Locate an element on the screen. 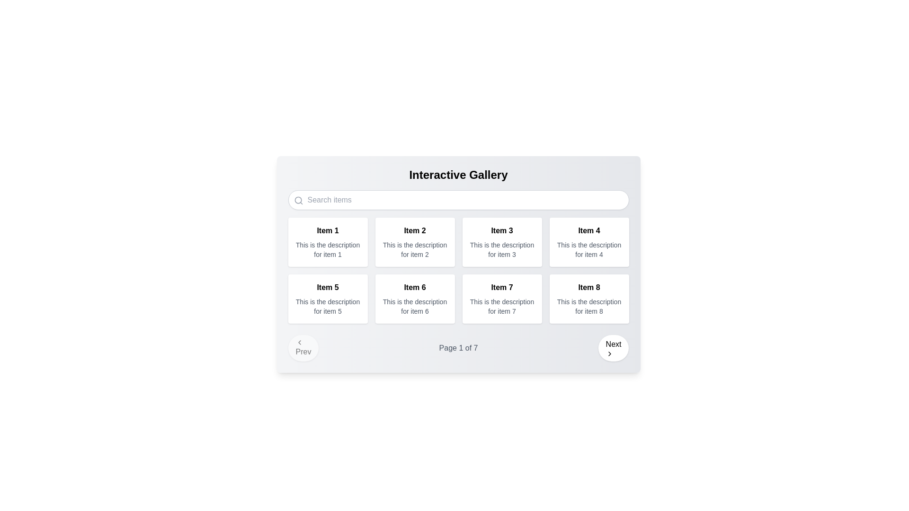 This screenshot has width=909, height=511. the bold-styled title text located in the third card of the first row within a grid of eight cards is located at coordinates (501, 287).